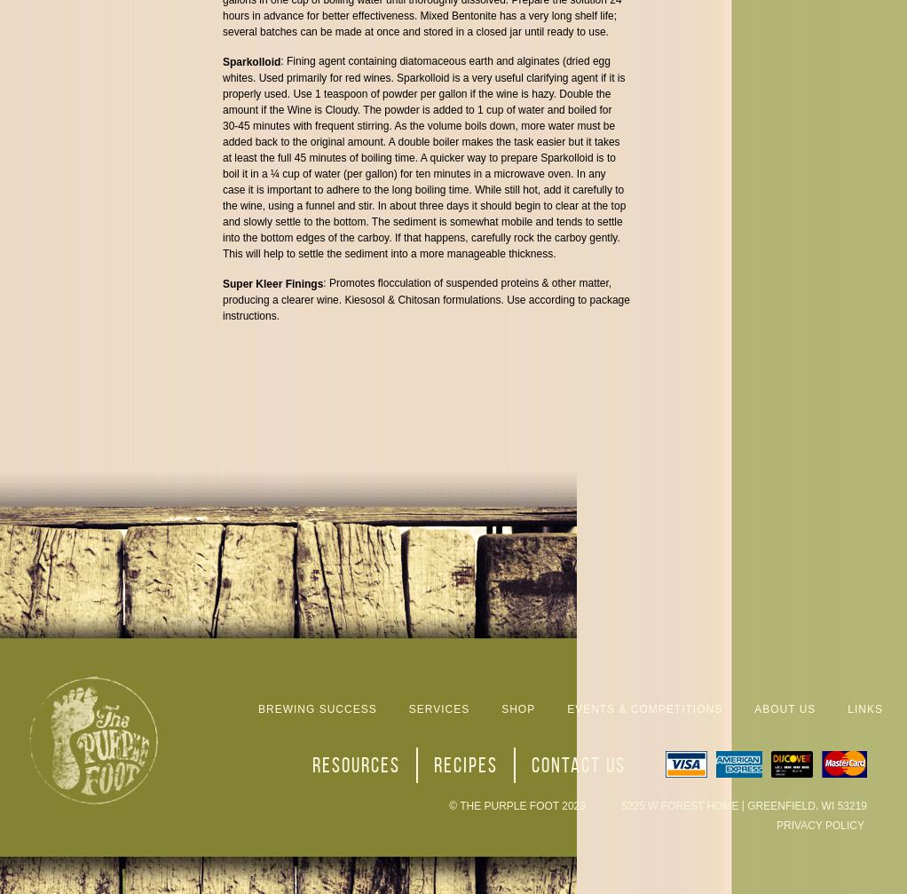 The image size is (907, 894). Describe the element at coordinates (354, 763) in the screenshot. I see `'Resources'` at that location.